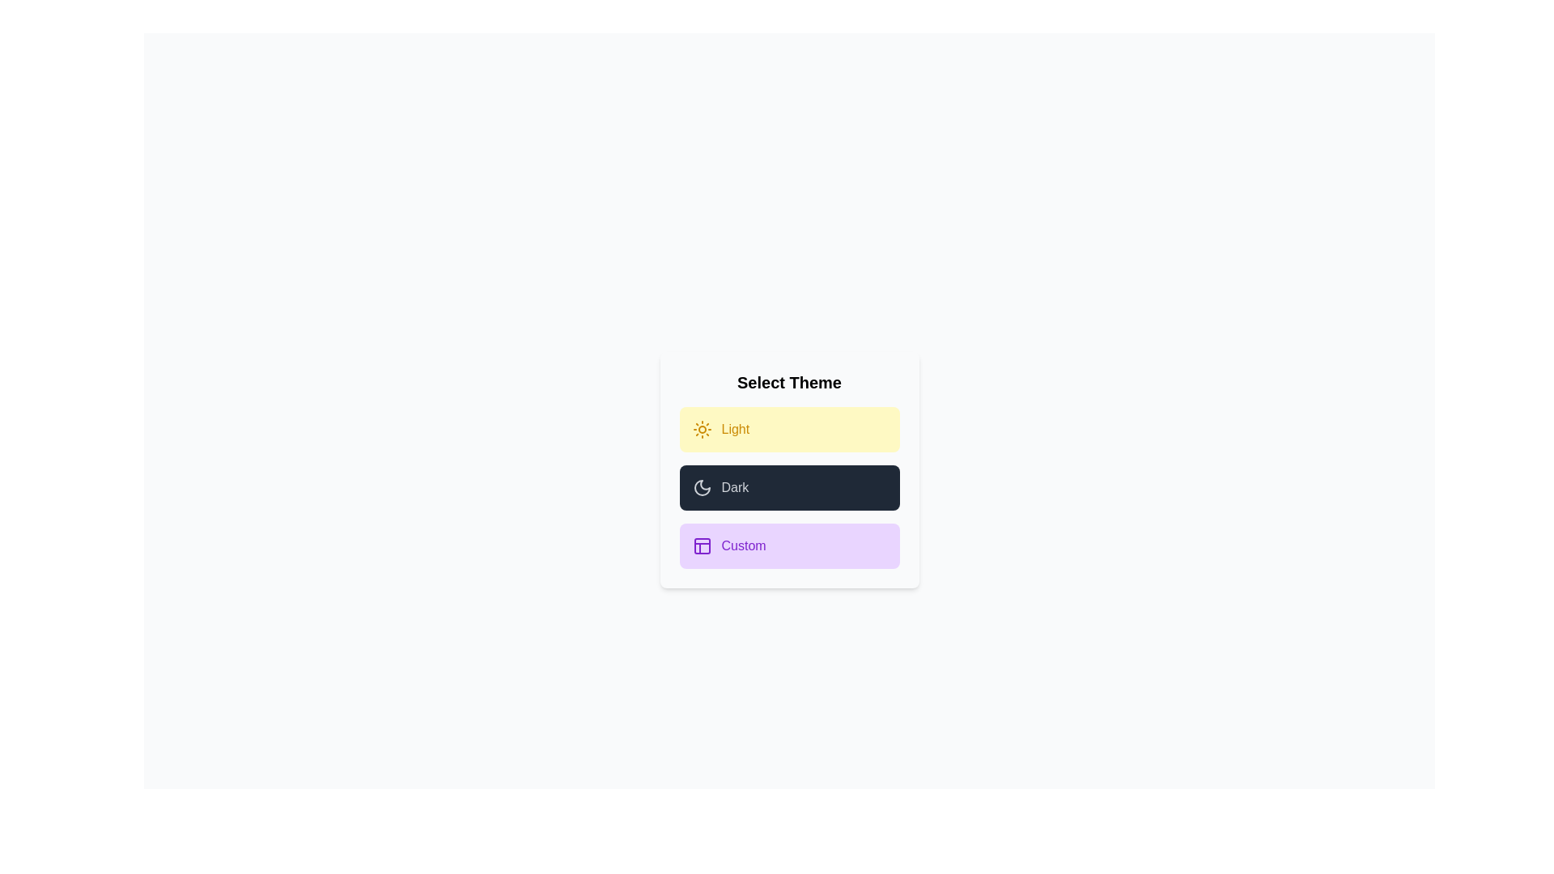  Describe the element at coordinates (702, 546) in the screenshot. I see `the solid rectangular shape with rounded corners located in the top-left sub-area of the square grid icon` at that location.